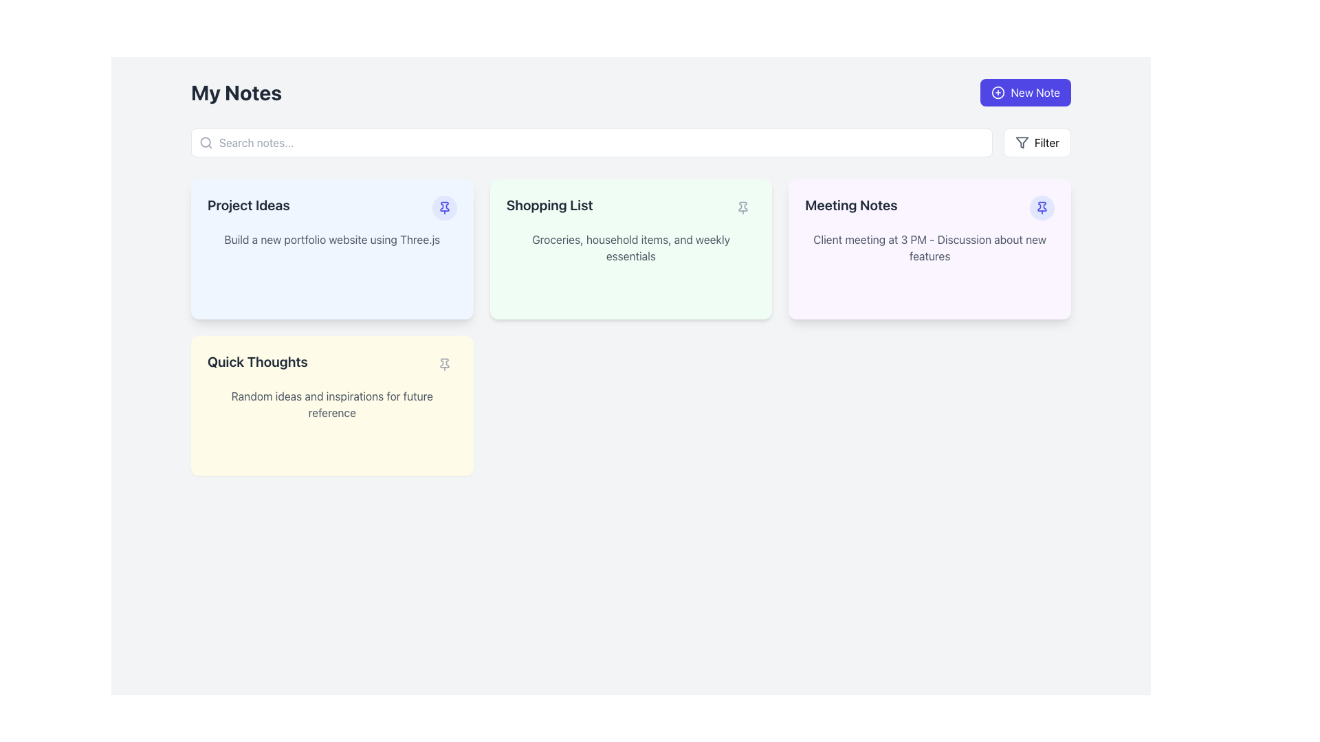  What do you see at coordinates (742, 208) in the screenshot?
I see `the pin icon embedded in the button located in the 'Shopping List' section to observe its hover effects` at bounding box center [742, 208].